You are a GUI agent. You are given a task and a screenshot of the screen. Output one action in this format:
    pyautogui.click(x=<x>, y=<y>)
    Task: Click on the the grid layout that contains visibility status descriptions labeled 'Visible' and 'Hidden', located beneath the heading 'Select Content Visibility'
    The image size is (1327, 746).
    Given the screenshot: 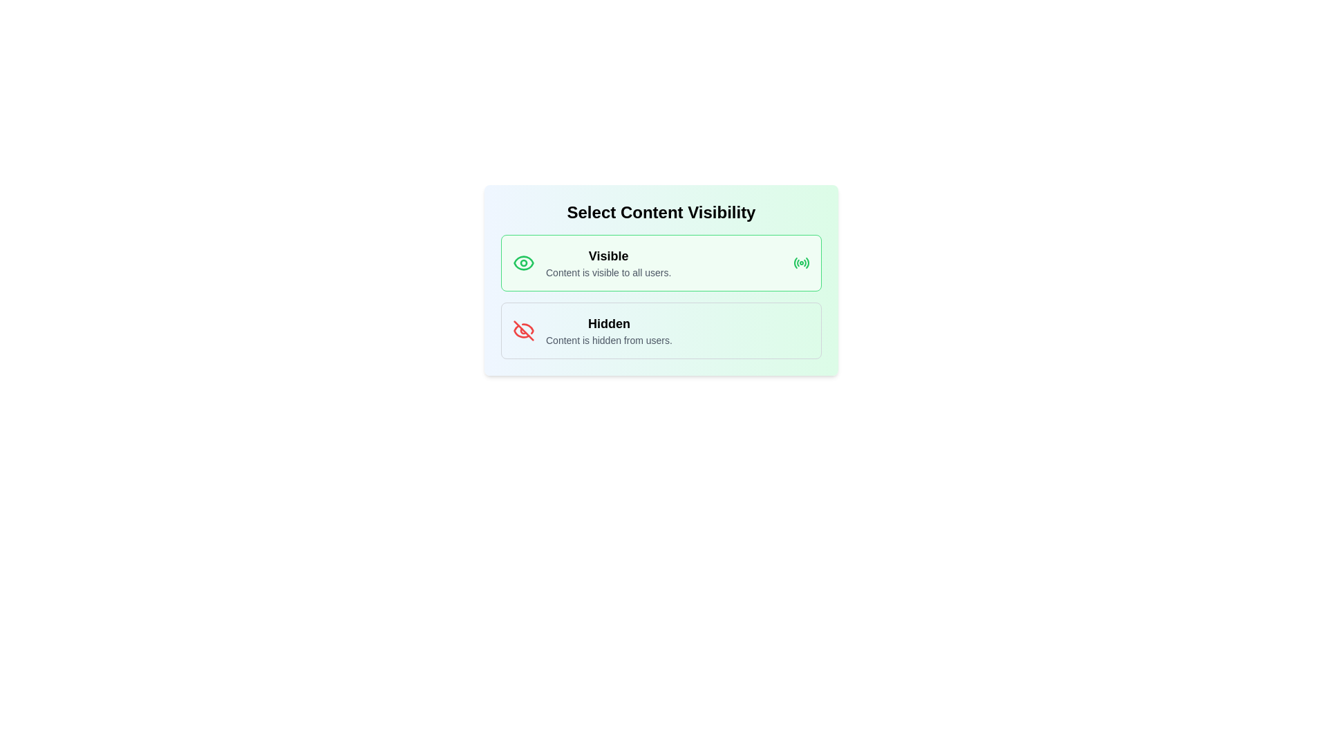 What is the action you would take?
    pyautogui.click(x=660, y=296)
    